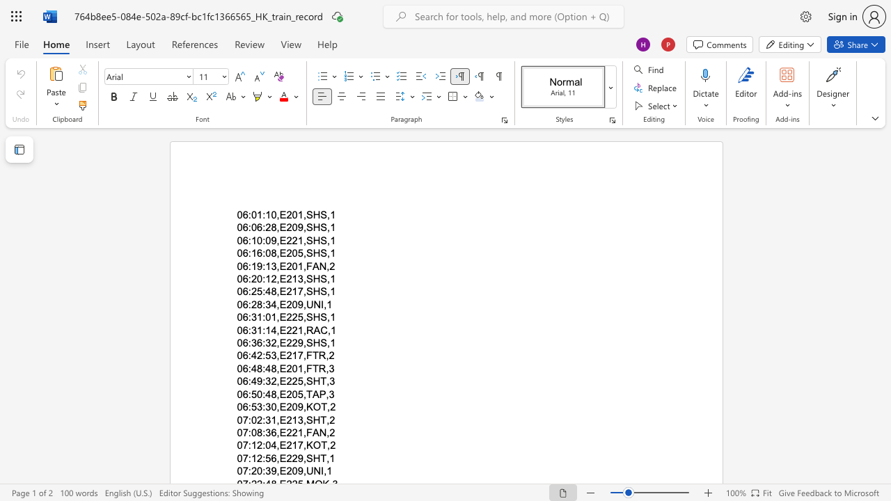 The height and width of the screenshot is (501, 891). Describe the element at coordinates (237, 215) in the screenshot. I see `the subset text "06:01:10,E201,SHS," within the text "06:01:10,E201,SHS,1"` at that location.